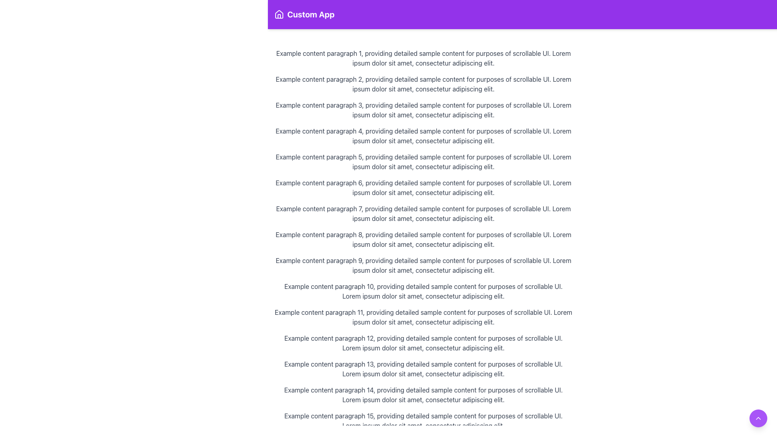 This screenshot has height=437, width=777. Describe the element at coordinates (423, 369) in the screenshot. I see `textual information displayed in the 13th paragraph of the scrollable content area, which is centrally aligned in the interface` at that location.